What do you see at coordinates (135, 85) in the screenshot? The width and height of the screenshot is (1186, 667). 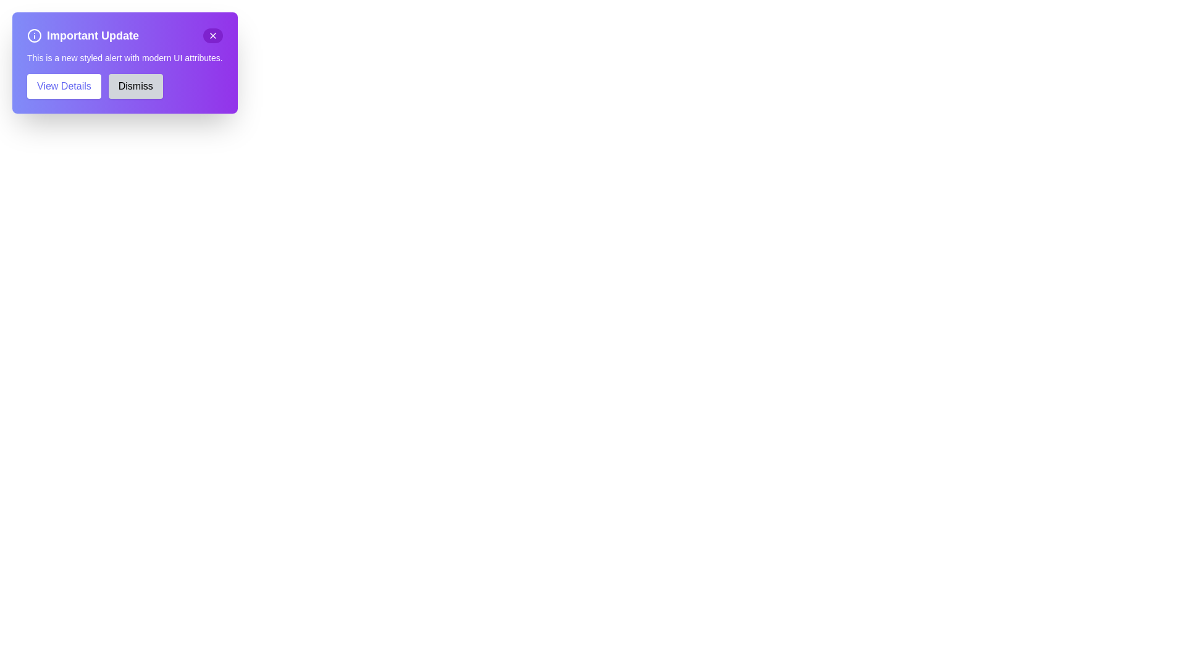 I see `the 'Dismiss' button to hide the notification` at bounding box center [135, 85].